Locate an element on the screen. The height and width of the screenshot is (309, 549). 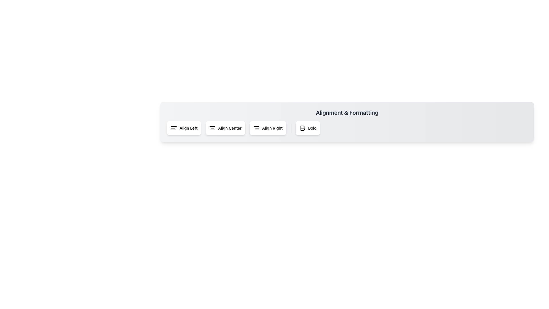
the 'Align Right' button, which is the third button in the alignment toolbar, to align content to the right is located at coordinates (267, 128).